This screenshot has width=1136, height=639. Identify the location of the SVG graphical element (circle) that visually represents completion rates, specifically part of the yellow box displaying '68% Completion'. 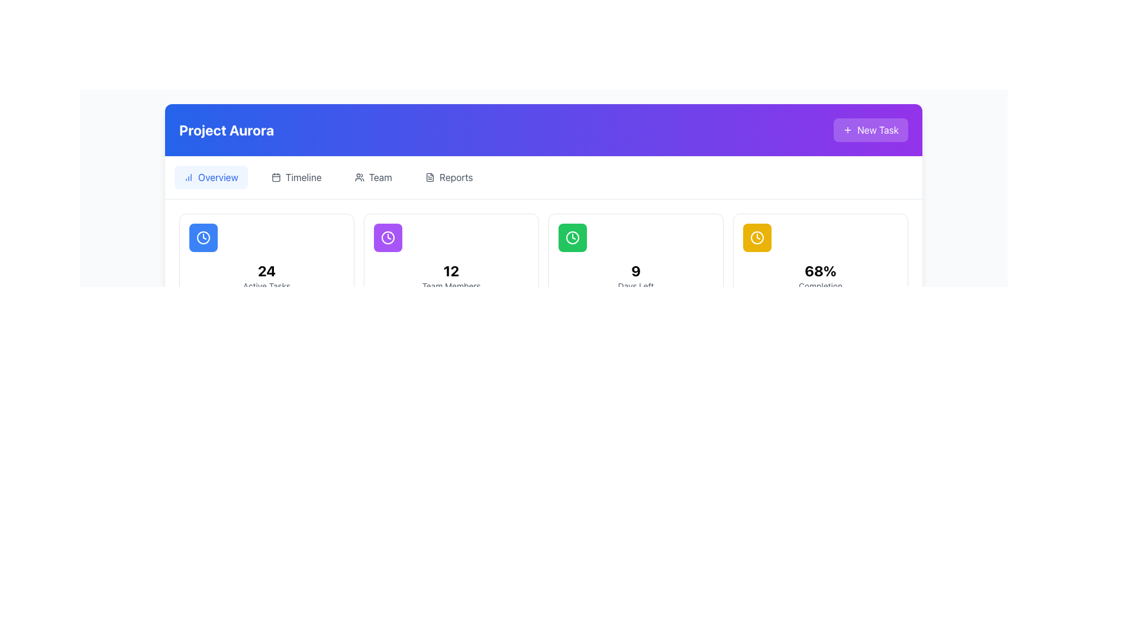
(757, 237).